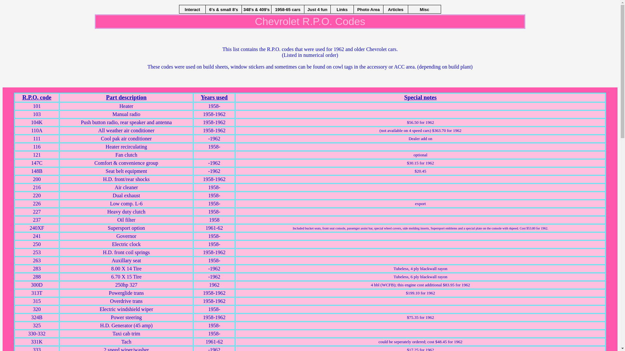  I want to click on 'Interact', so click(192, 9).